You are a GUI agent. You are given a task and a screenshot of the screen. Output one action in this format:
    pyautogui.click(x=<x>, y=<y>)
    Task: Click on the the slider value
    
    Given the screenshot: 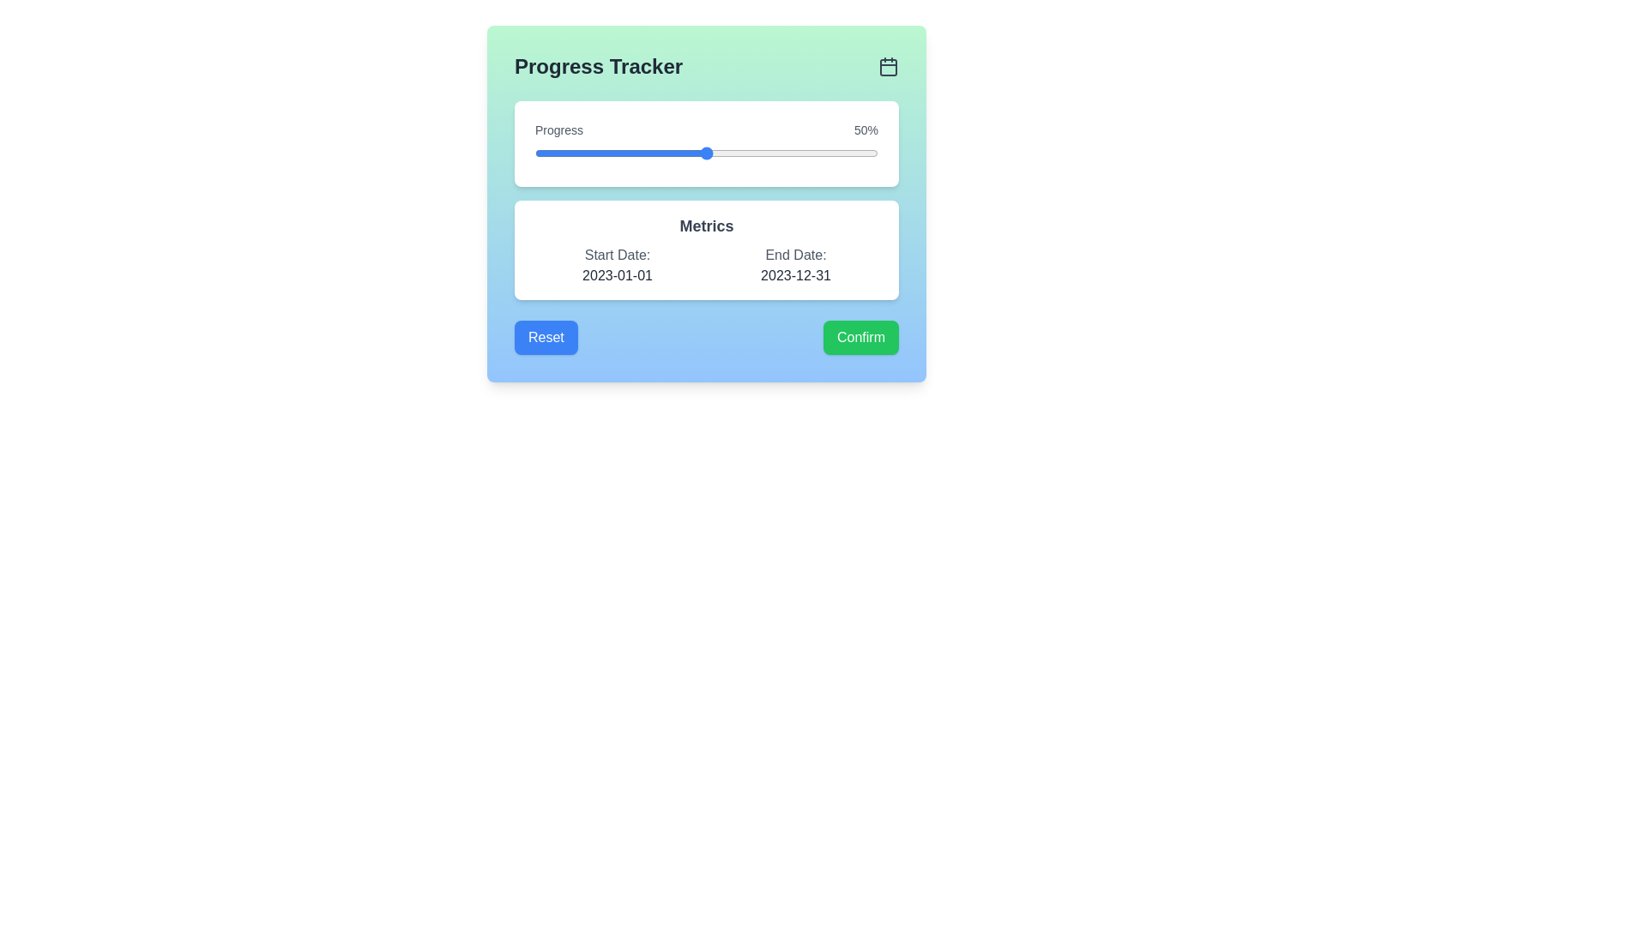 What is the action you would take?
    pyautogui.click(x=686, y=152)
    